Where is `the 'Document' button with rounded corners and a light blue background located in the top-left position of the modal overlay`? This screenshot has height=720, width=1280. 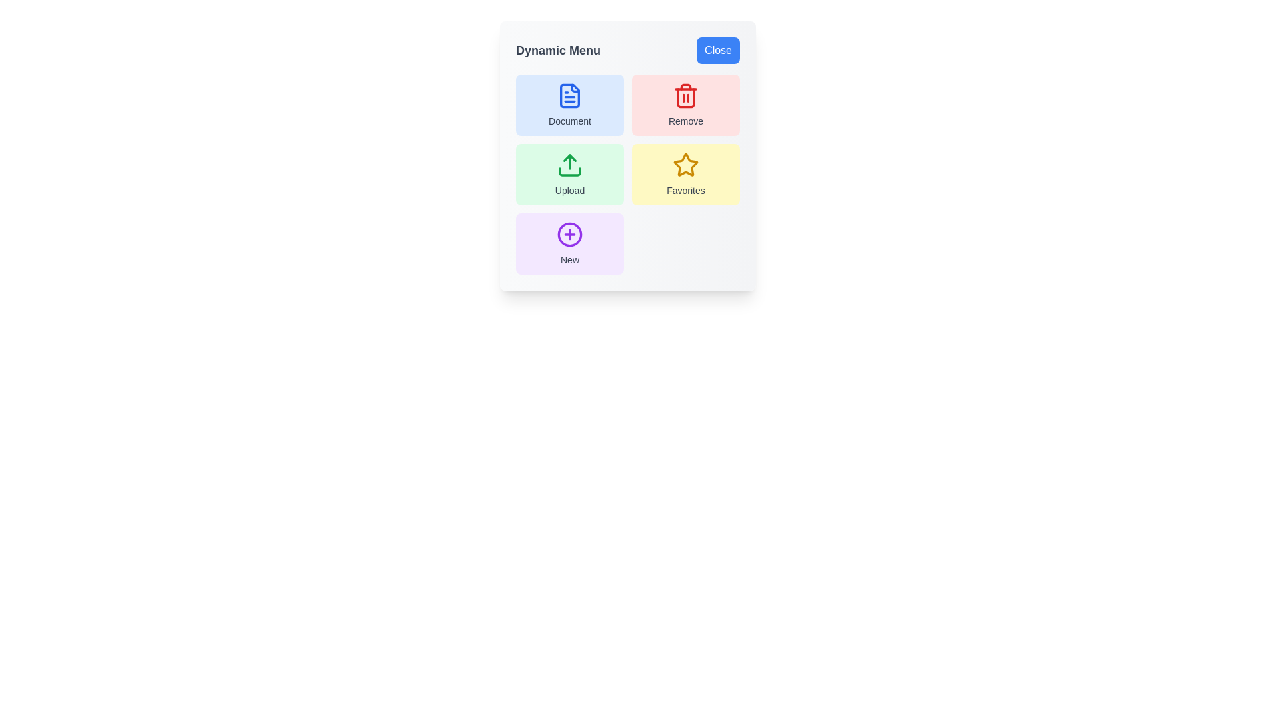
the 'Document' button with rounded corners and a light blue background located in the top-left position of the modal overlay is located at coordinates (569, 105).